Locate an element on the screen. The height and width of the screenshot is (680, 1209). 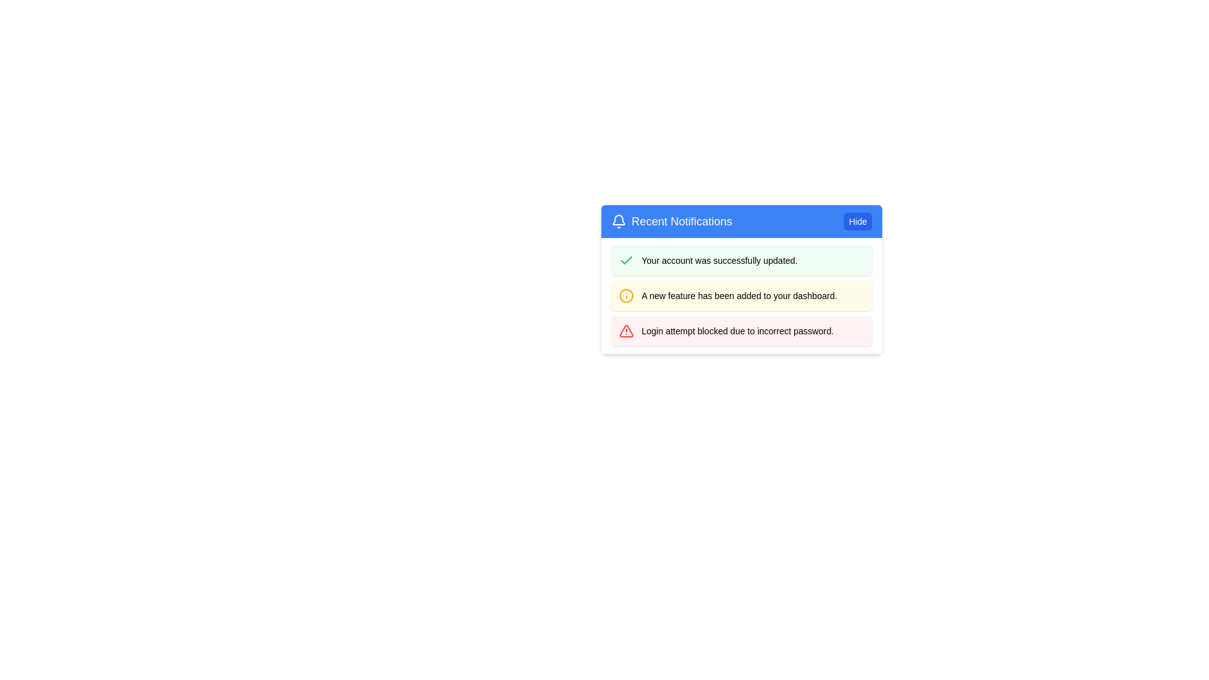
the 'Recent Notifications' text label, which is a bold, white text on a blue background, located in the top-left region of the notification panel is located at coordinates (681, 220).